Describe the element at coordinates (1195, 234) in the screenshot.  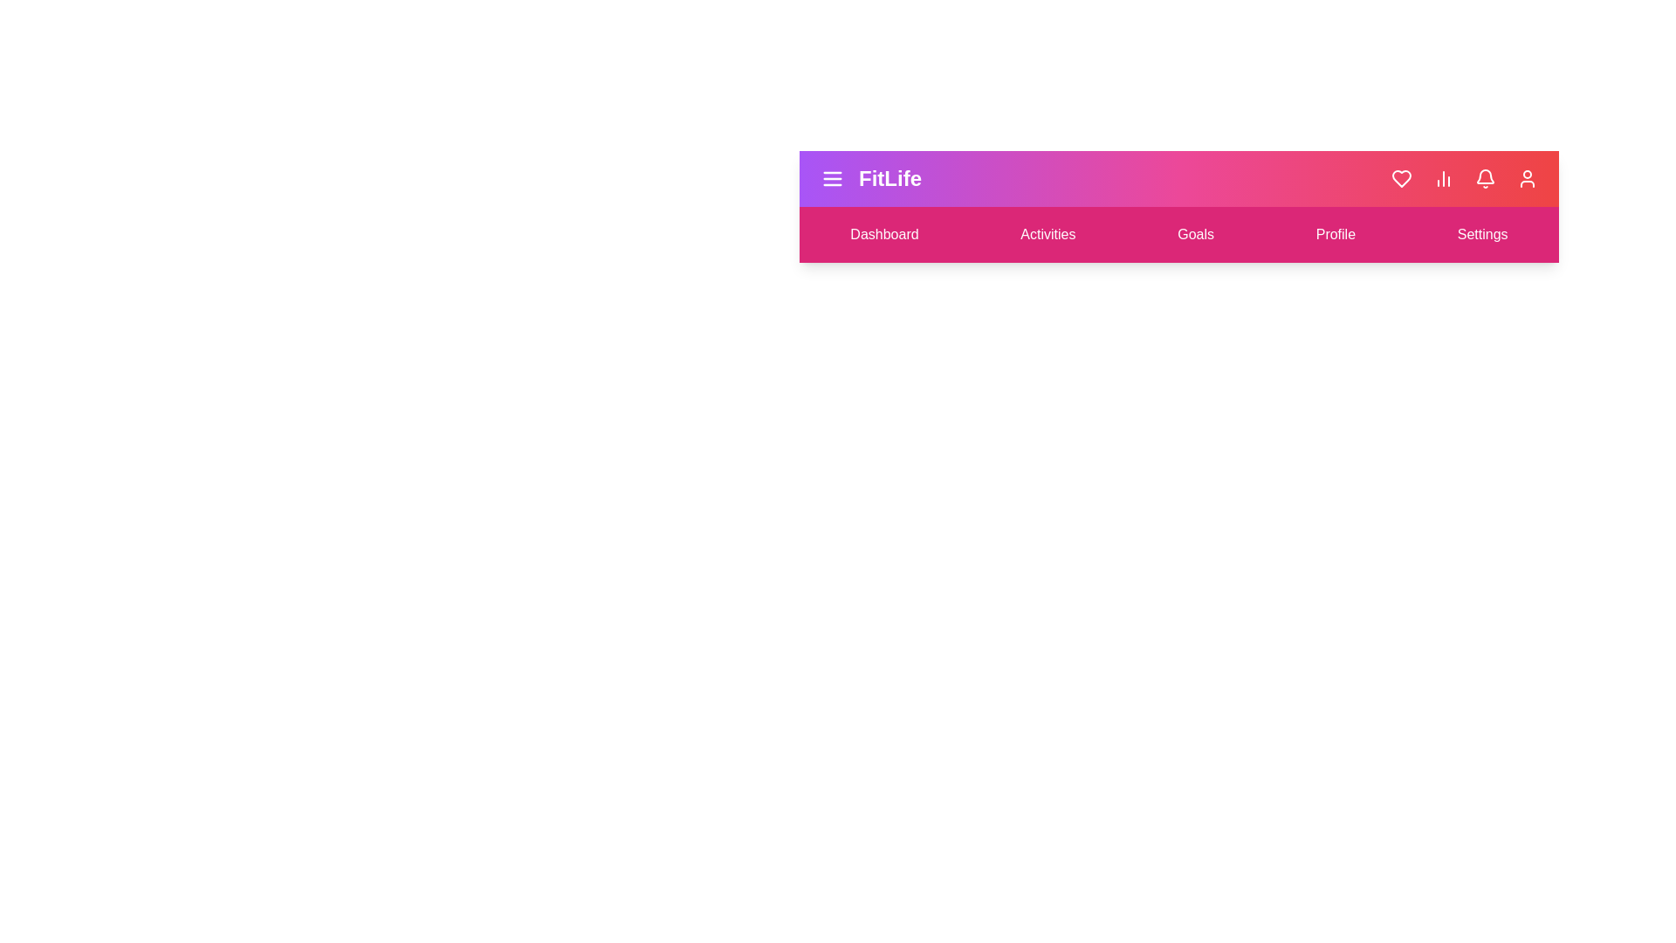
I see `the menu item corresponding to Goals` at that location.